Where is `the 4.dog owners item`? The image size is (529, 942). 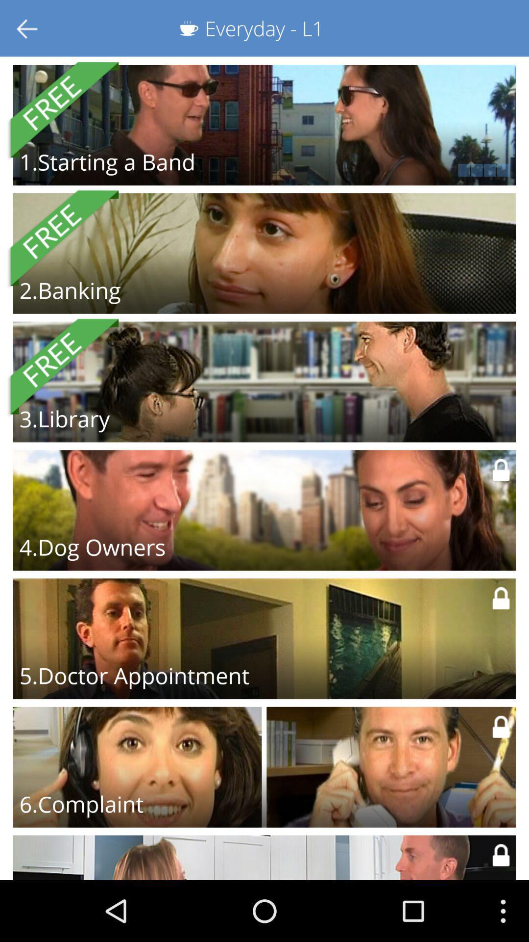 the 4.dog owners item is located at coordinates (93, 547).